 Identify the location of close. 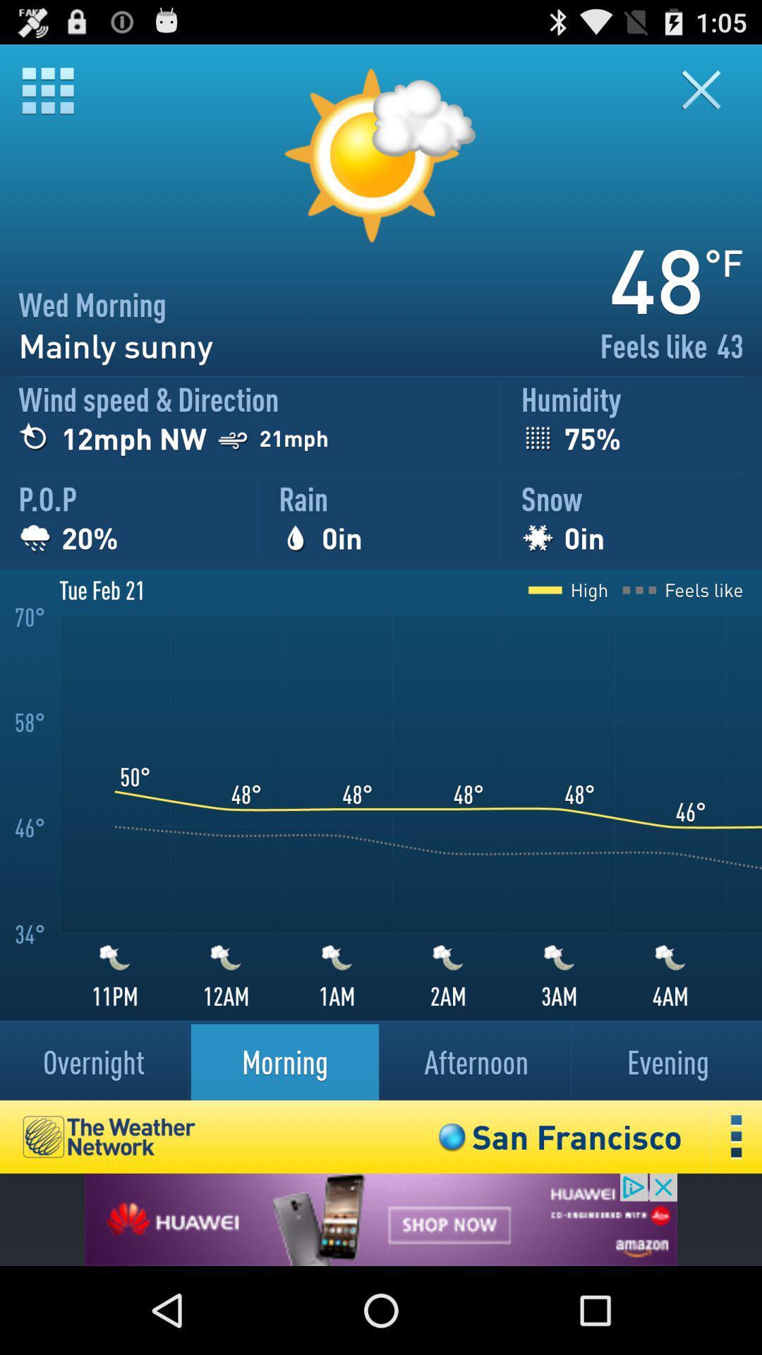
(710, 89).